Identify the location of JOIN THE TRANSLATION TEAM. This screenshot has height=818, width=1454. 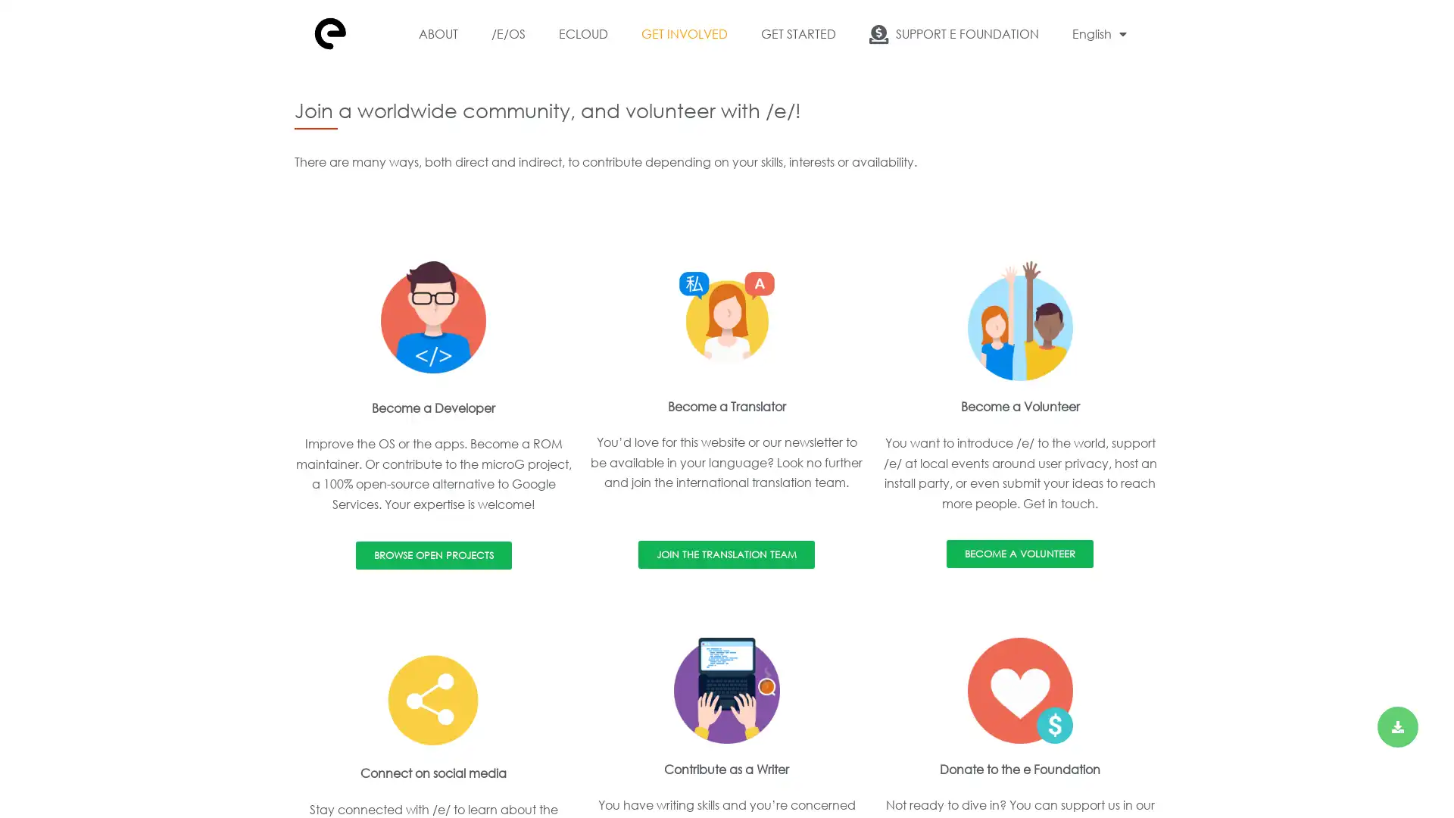
(725, 554).